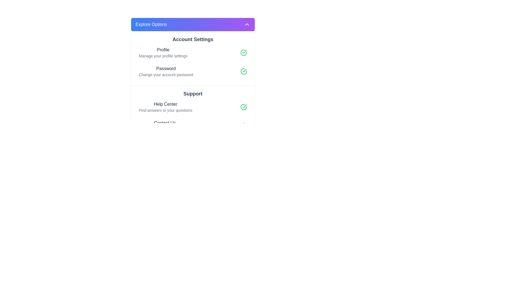 This screenshot has height=298, width=530. I want to click on the account settings title text label, which is centrally placed at the top of the interface and serves as a header for the following content, so click(193, 39).